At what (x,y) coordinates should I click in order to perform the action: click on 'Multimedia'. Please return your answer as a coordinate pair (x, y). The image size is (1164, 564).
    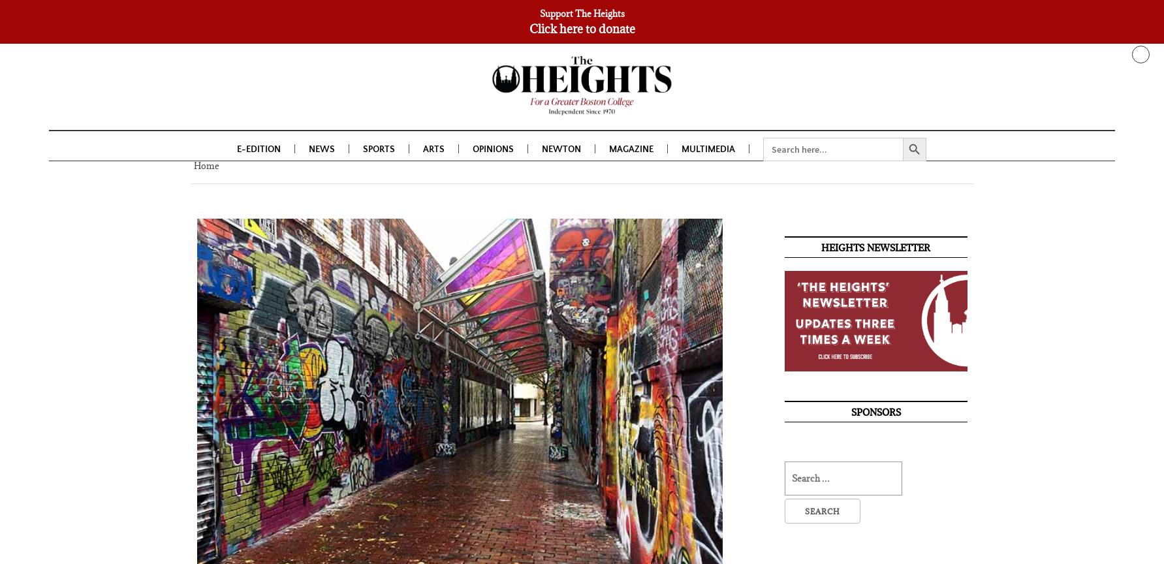
    Looking at the image, I should click on (708, 152).